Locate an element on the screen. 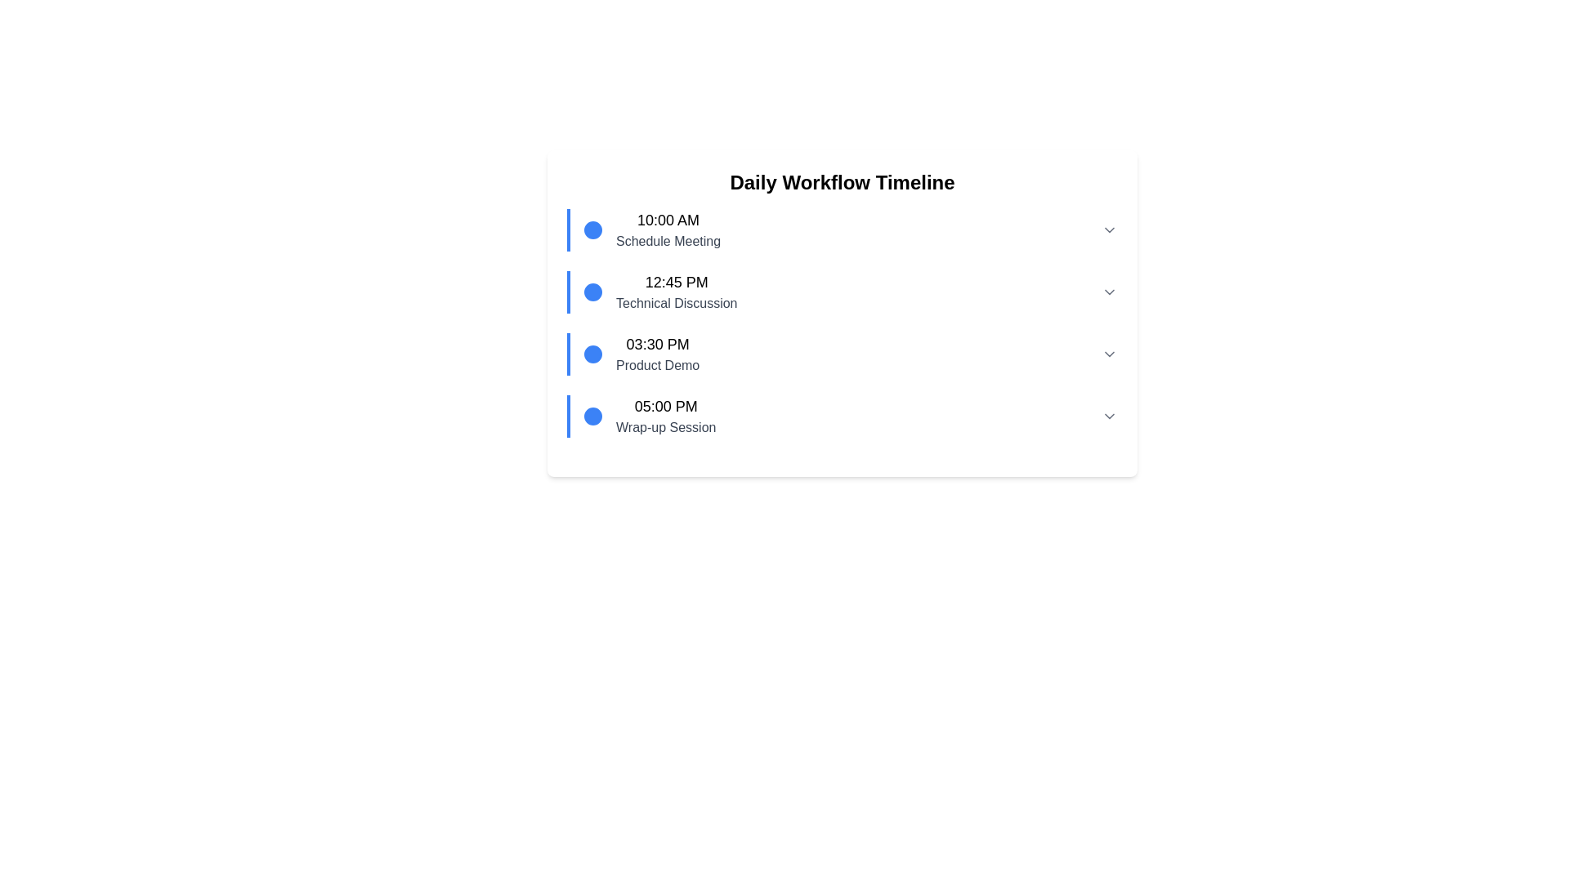  the third item in the vertical timeline interface that represents the event titled 'Product Demo' at '03:30 PM' is located at coordinates (843, 354).